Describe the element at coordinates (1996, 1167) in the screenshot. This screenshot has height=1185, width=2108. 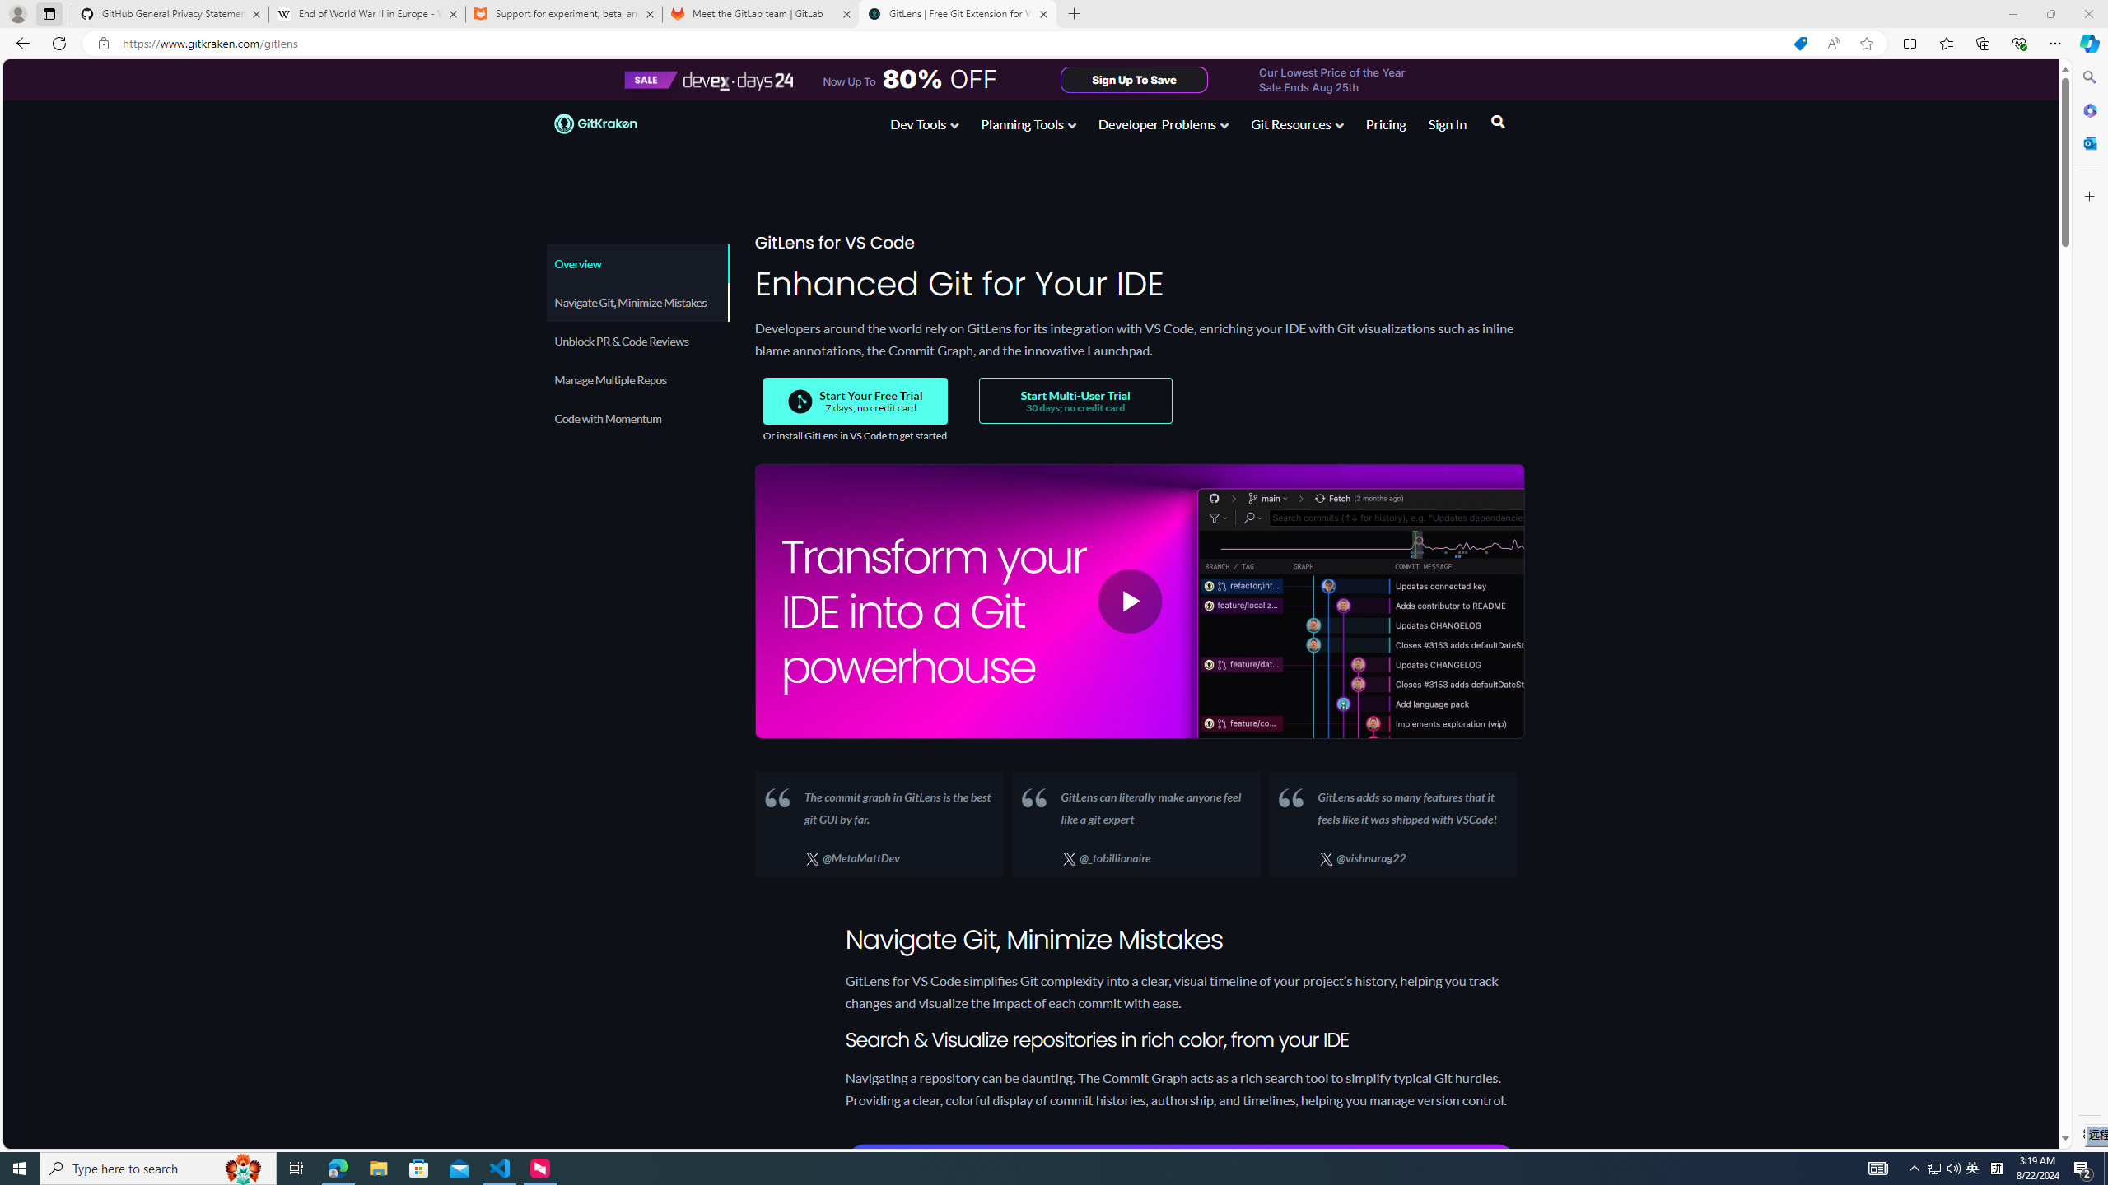
I see `'Tray Input Indicator - Chinese (Simplified, China)'` at that location.